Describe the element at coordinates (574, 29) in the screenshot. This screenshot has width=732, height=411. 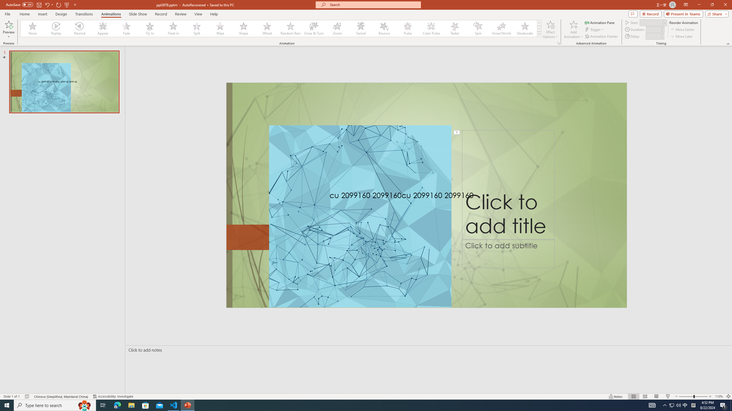
I see `'Add Animation'` at that location.